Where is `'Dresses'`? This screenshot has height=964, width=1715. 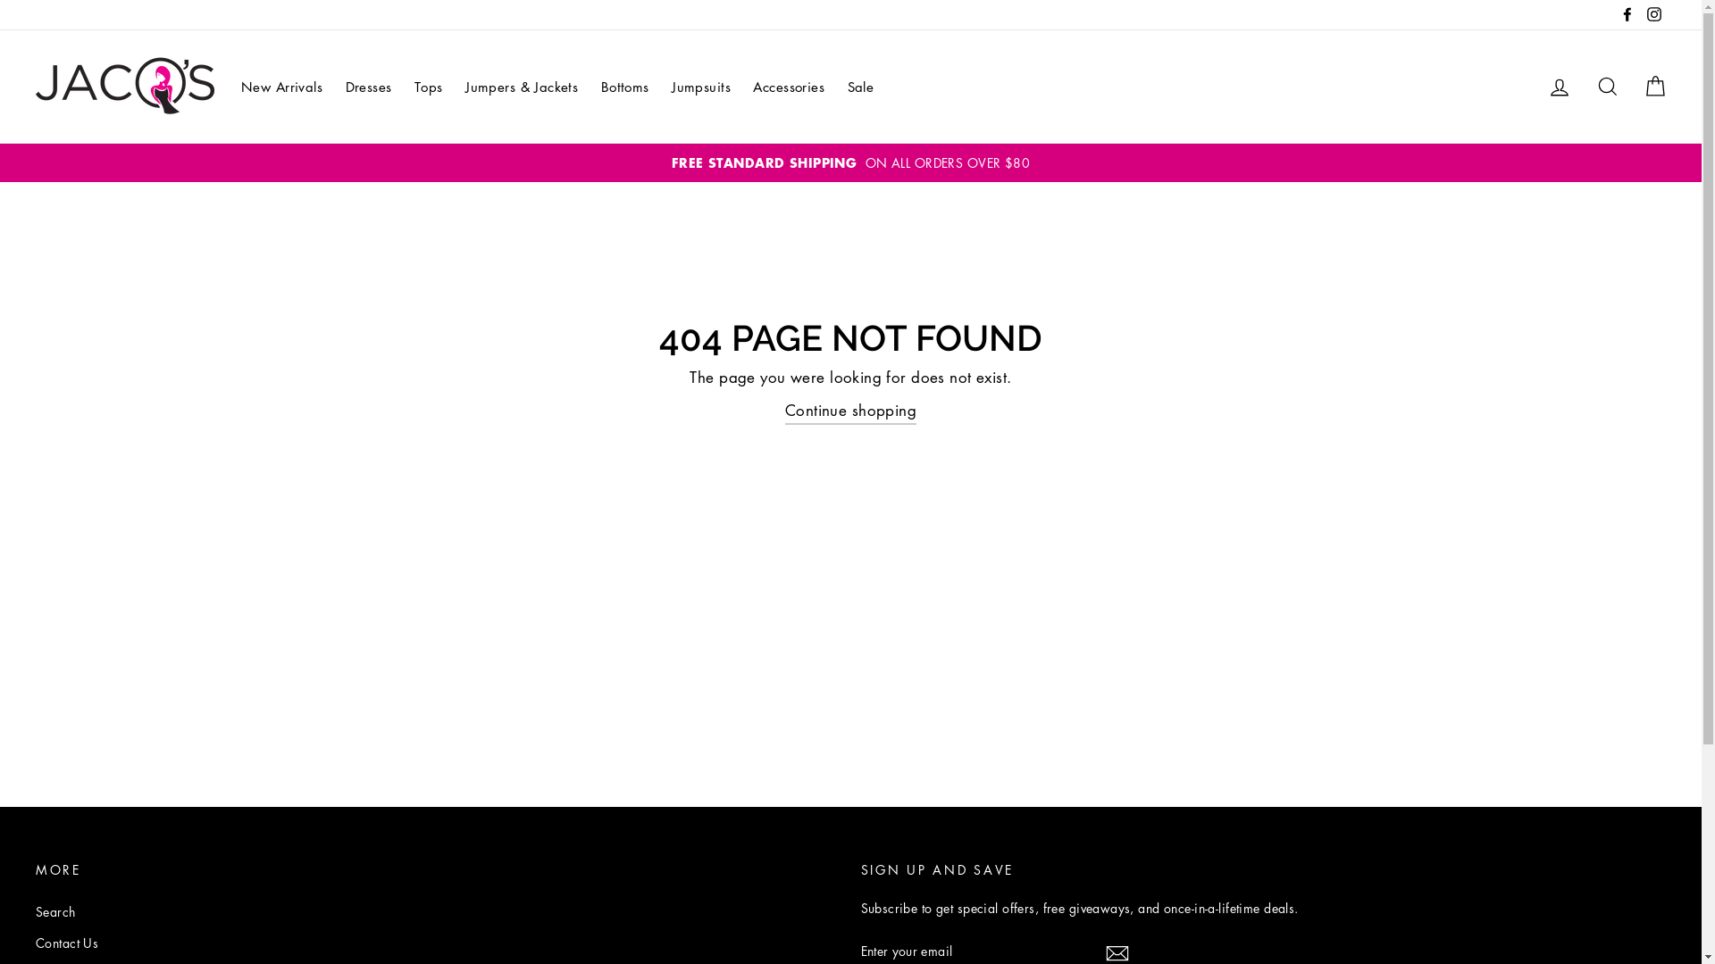 'Dresses' is located at coordinates (367, 87).